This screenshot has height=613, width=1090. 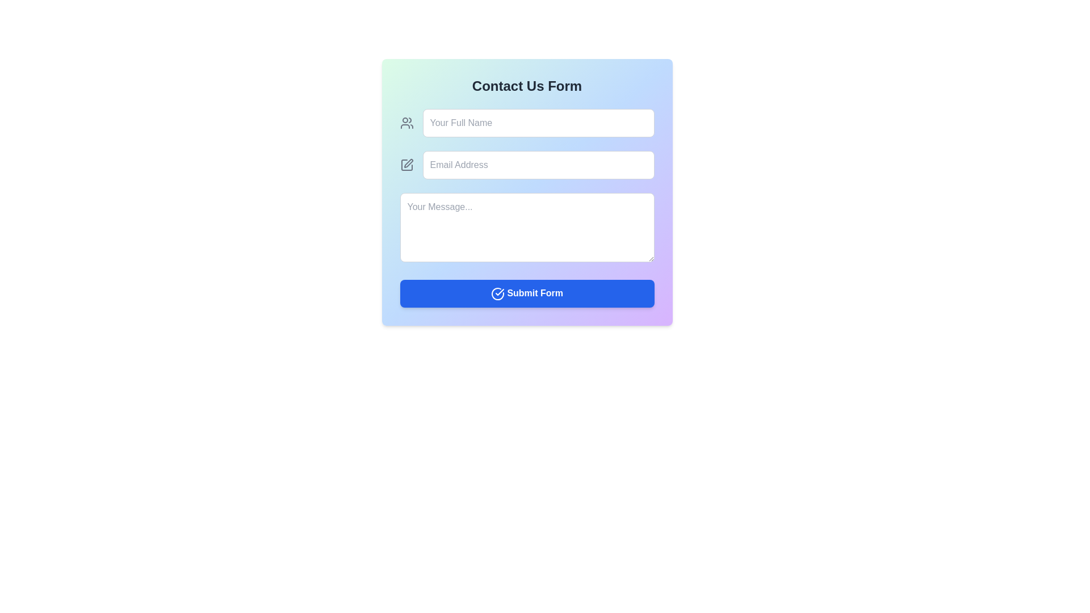 What do you see at coordinates (406, 165) in the screenshot?
I see `the editing or writing icon located to the left of the 'Email Address' input field` at bounding box center [406, 165].